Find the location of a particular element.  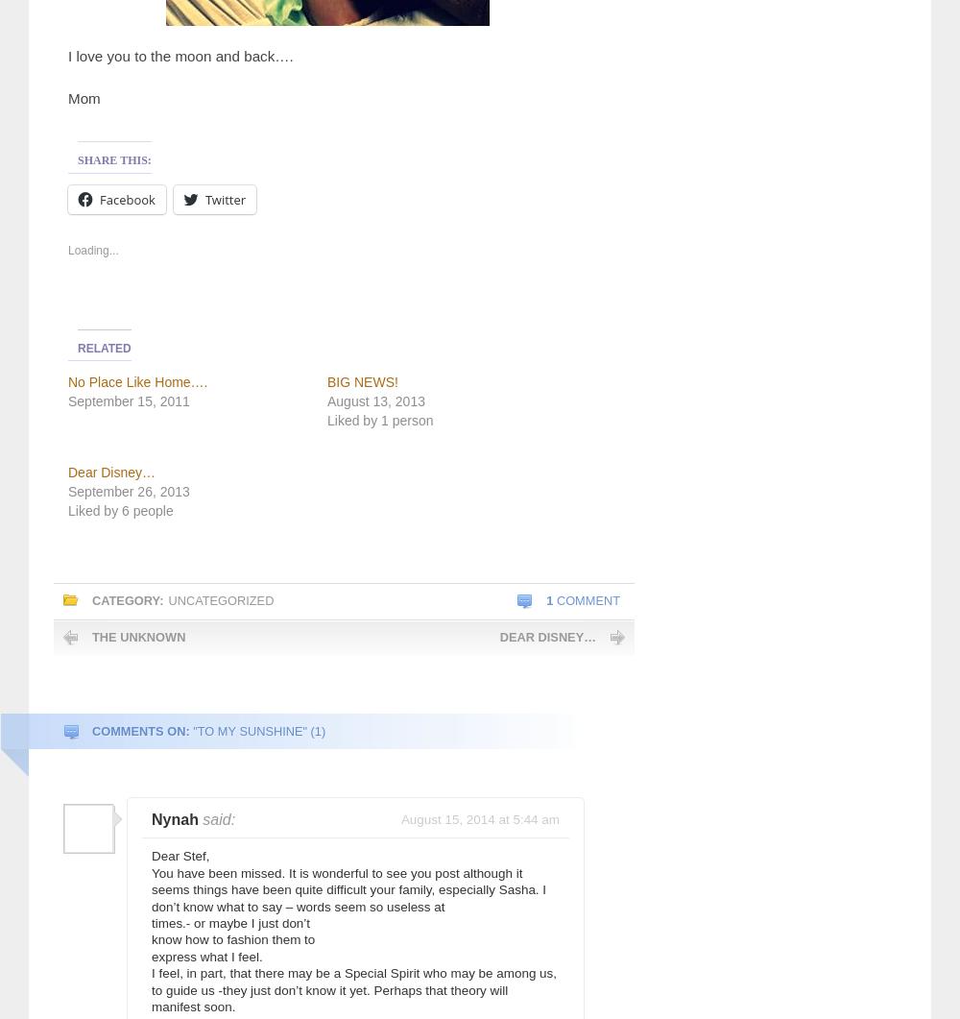

'Nynah' is located at coordinates (175, 819).